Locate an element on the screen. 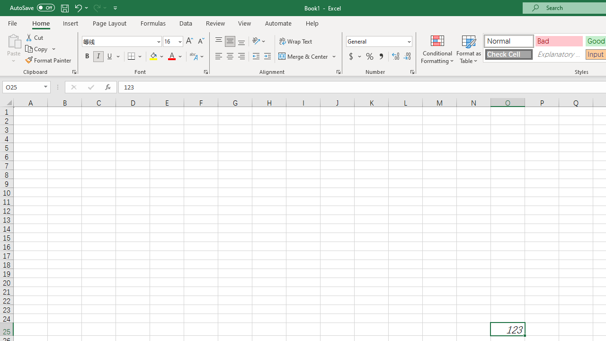 The width and height of the screenshot is (606, 341). 'Orientation' is located at coordinates (259, 41).